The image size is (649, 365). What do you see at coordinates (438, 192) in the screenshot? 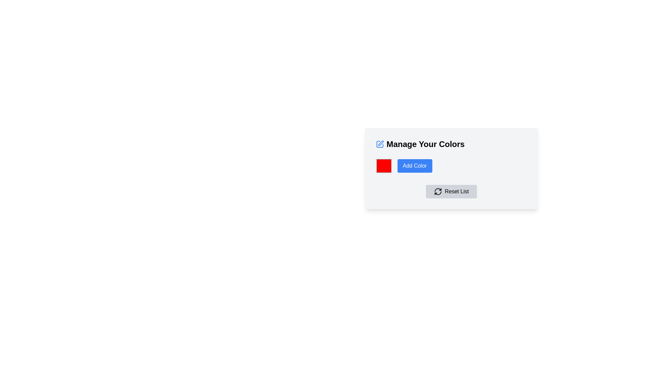
I see `the reset icon located on the left side of the 'Reset List' button within the 'Manage Your Colors' section` at bounding box center [438, 192].